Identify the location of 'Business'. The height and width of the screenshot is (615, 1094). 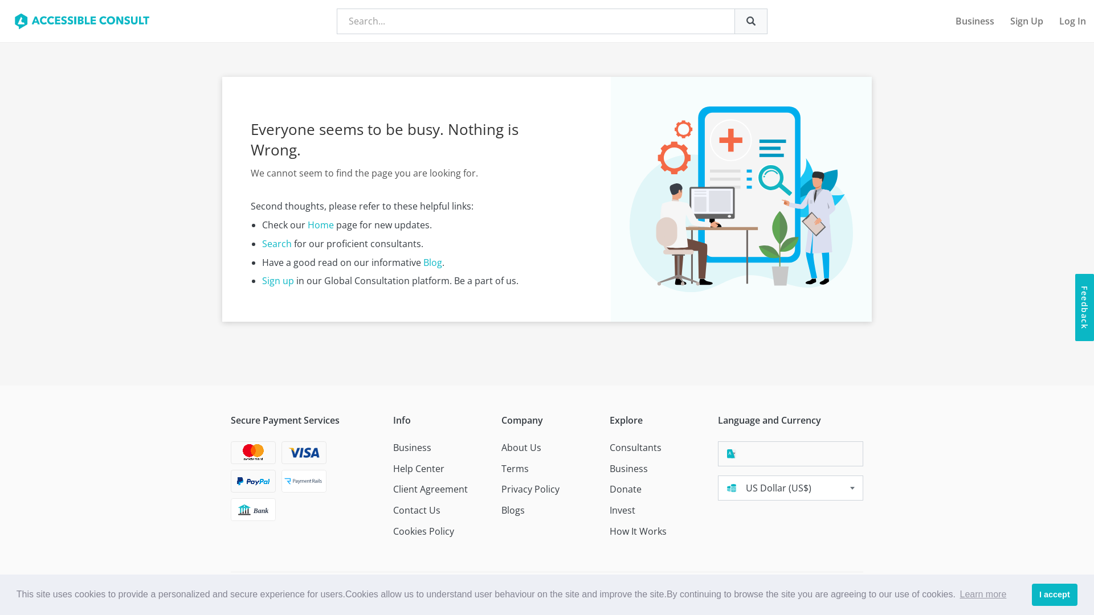
(974, 21).